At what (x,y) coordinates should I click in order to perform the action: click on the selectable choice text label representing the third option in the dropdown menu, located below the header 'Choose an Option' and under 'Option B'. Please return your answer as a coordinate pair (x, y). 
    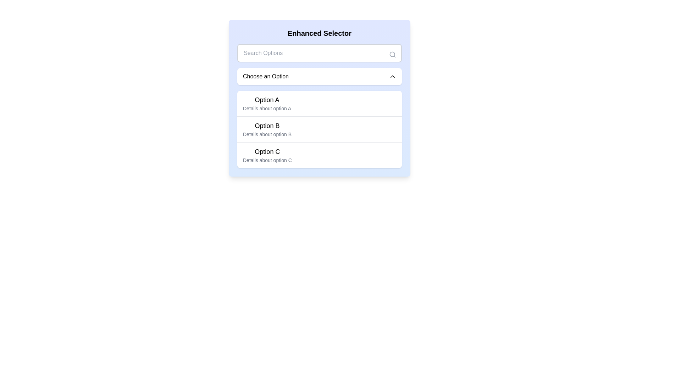
    Looking at the image, I should click on (267, 151).